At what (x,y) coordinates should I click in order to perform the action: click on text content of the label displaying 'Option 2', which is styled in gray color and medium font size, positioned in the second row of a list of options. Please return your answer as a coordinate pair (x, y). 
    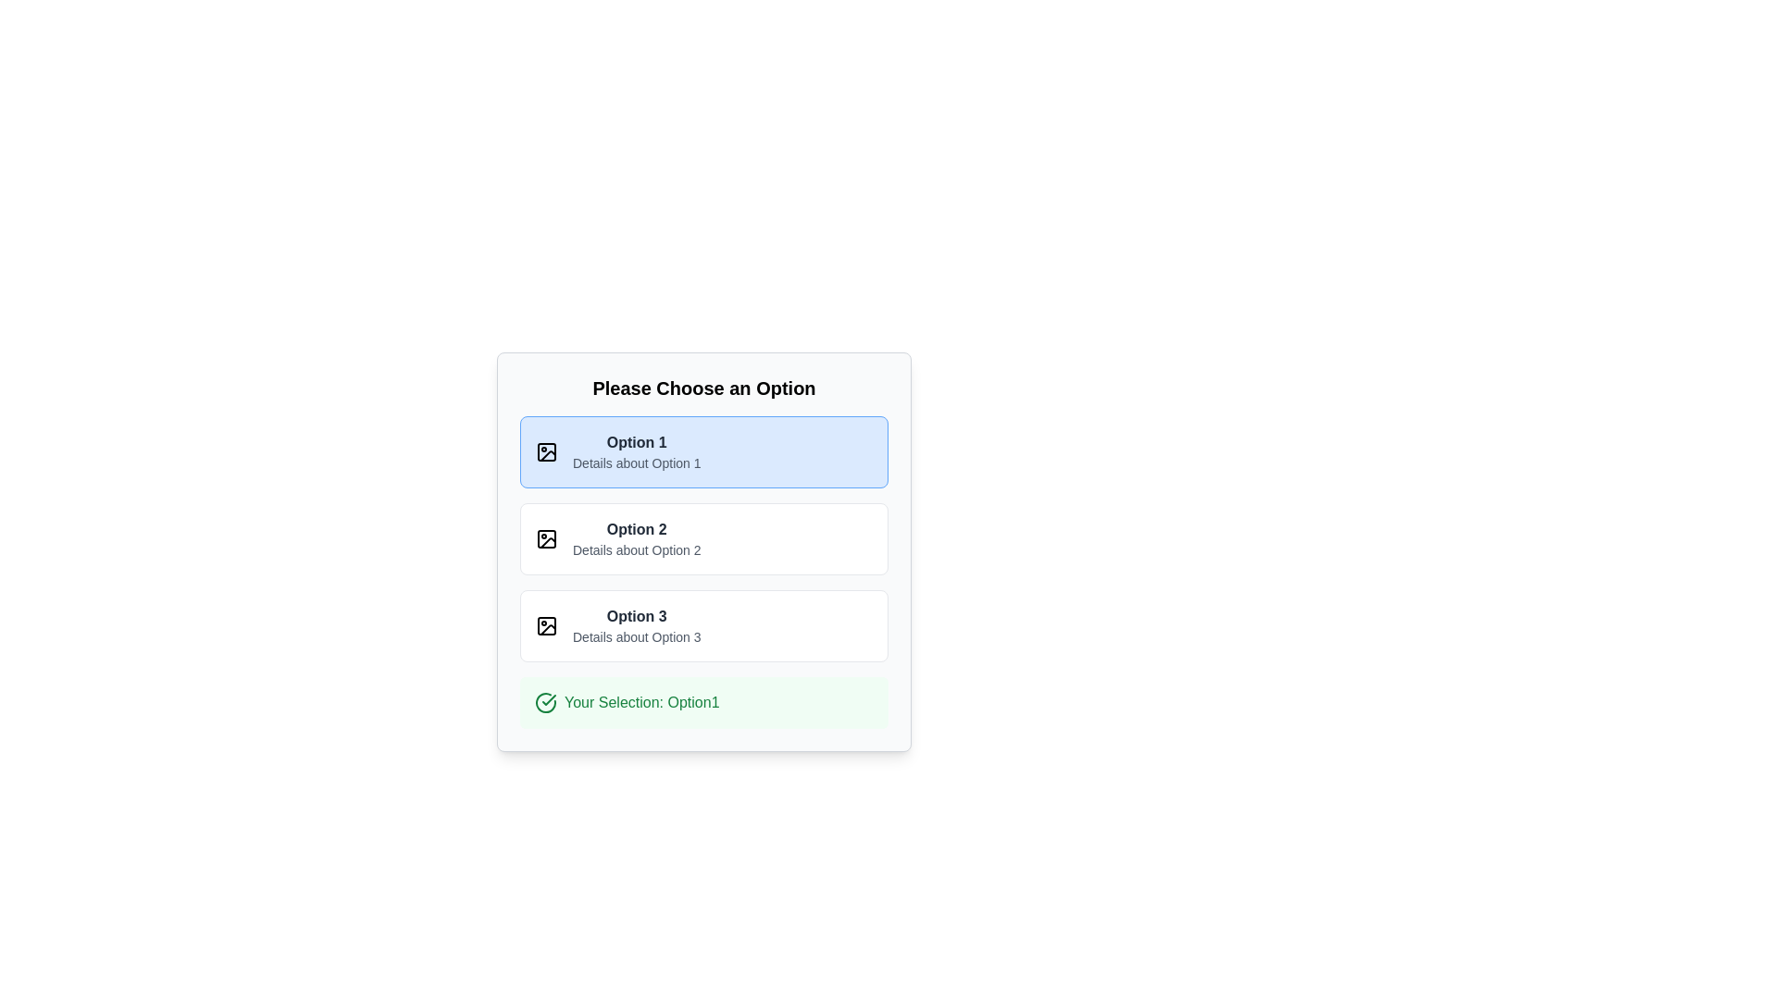
    Looking at the image, I should click on (637, 529).